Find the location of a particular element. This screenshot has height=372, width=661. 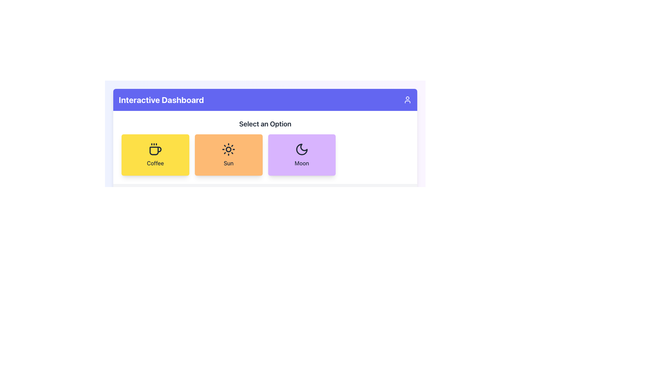

the small circular user icon with a simplistic profile design, located in the far right corner of the header section next to 'Interactive Dashboard' is located at coordinates (408, 100).